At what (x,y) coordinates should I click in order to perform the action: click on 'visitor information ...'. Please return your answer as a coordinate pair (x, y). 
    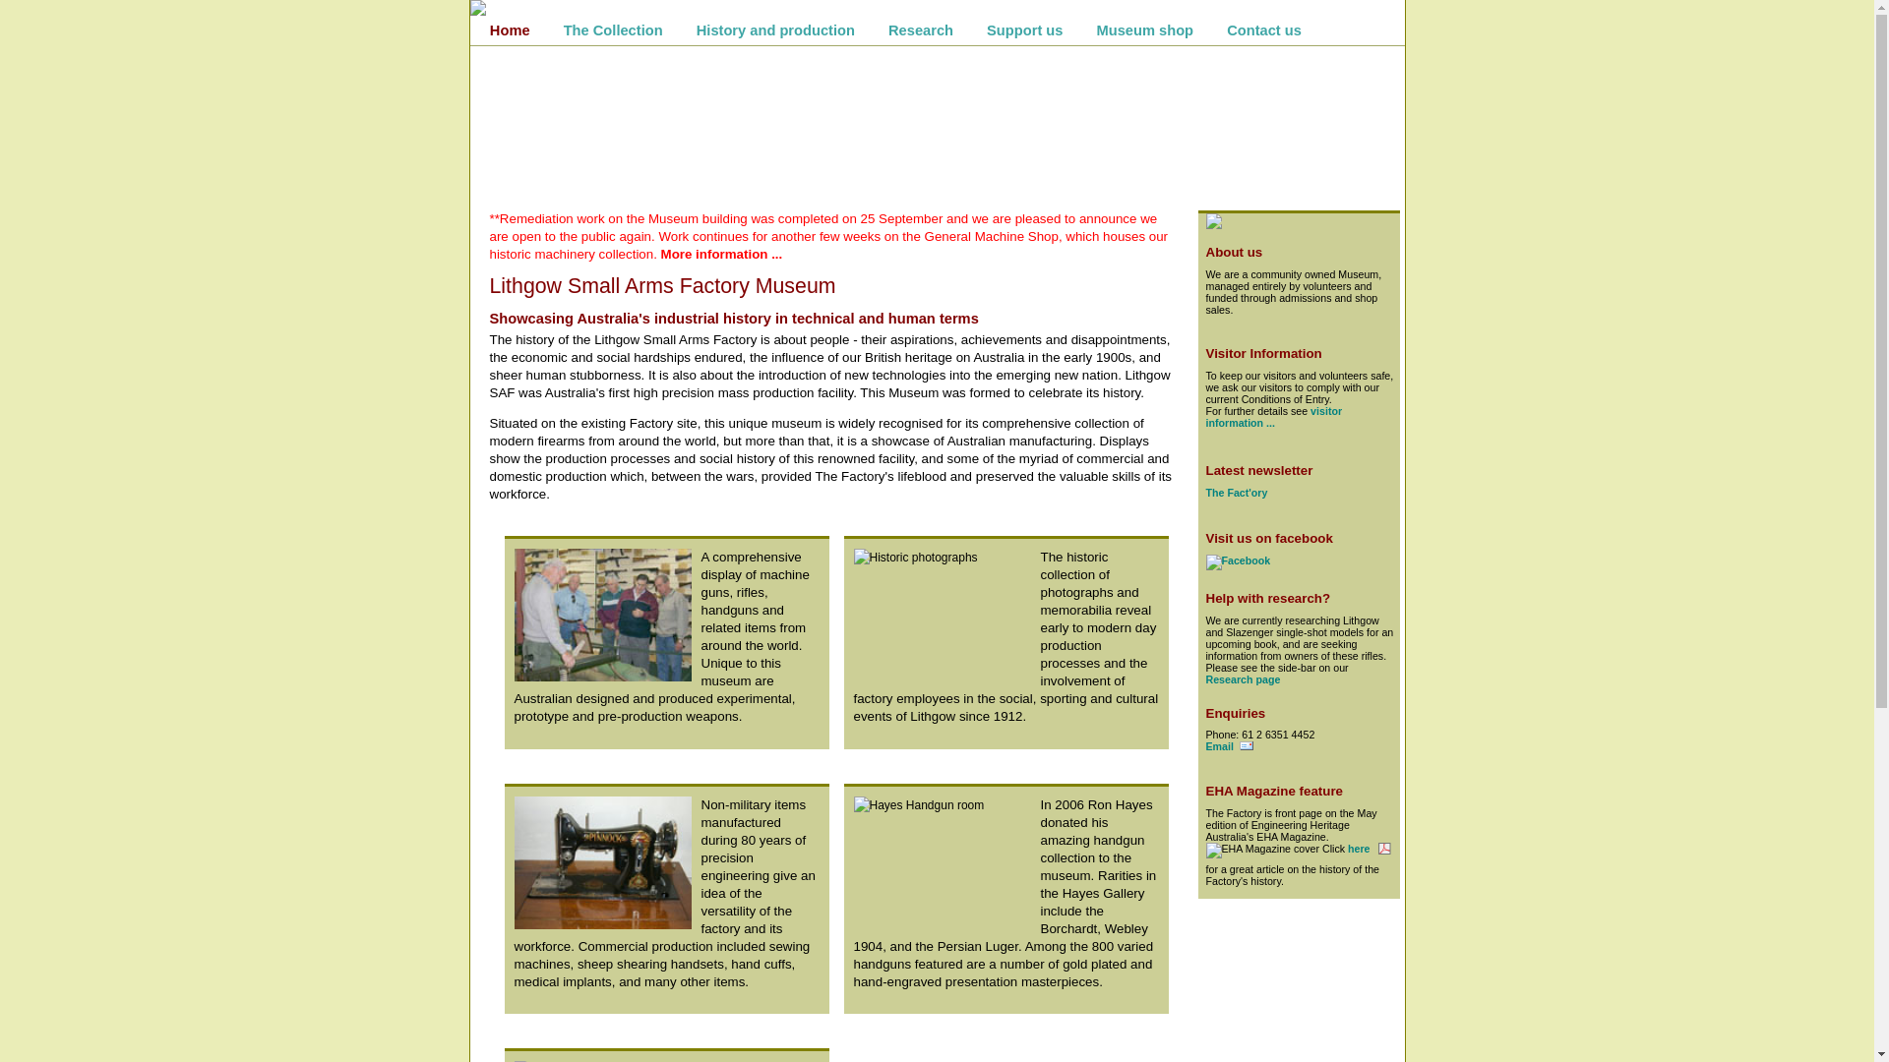
    Looking at the image, I should click on (1274, 416).